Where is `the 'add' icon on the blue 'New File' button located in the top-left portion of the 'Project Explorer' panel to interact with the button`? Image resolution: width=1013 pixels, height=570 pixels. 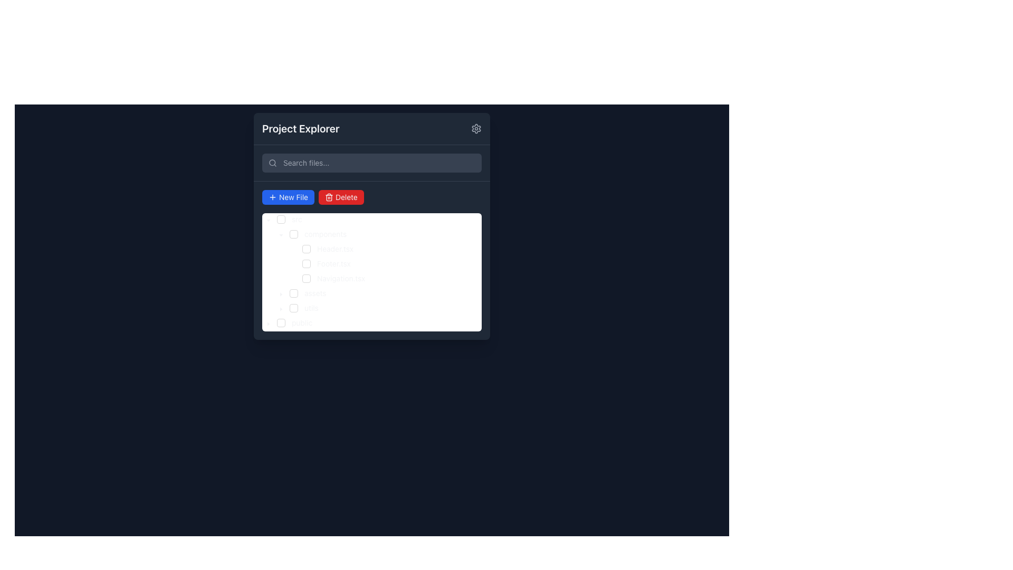 the 'add' icon on the blue 'New File' button located in the top-left portion of the 'Project Explorer' panel to interact with the button is located at coordinates (273, 197).